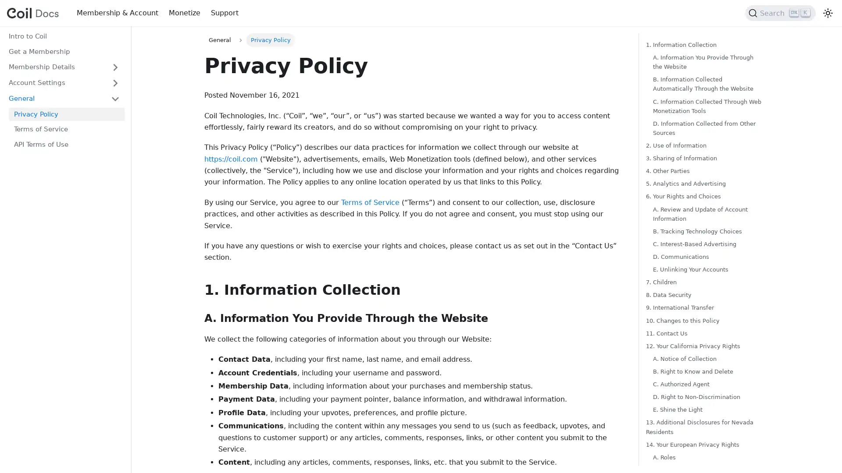 The height and width of the screenshot is (473, 842). Describe the element at coordinates (780, 13) in the screenshot. I see `Search` at that location.